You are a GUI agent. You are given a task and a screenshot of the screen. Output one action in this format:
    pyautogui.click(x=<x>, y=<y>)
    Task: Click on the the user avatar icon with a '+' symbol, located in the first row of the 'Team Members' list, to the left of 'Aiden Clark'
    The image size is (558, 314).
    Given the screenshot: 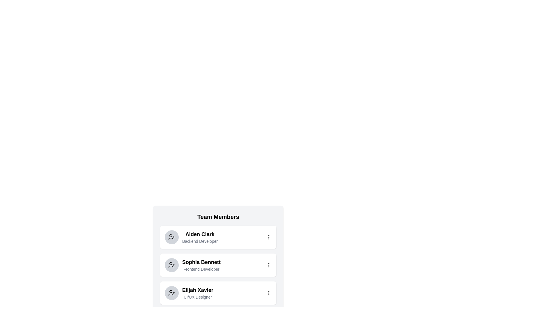 What is the action you would take?
    pyautogui.click(x=171, y=237)
    